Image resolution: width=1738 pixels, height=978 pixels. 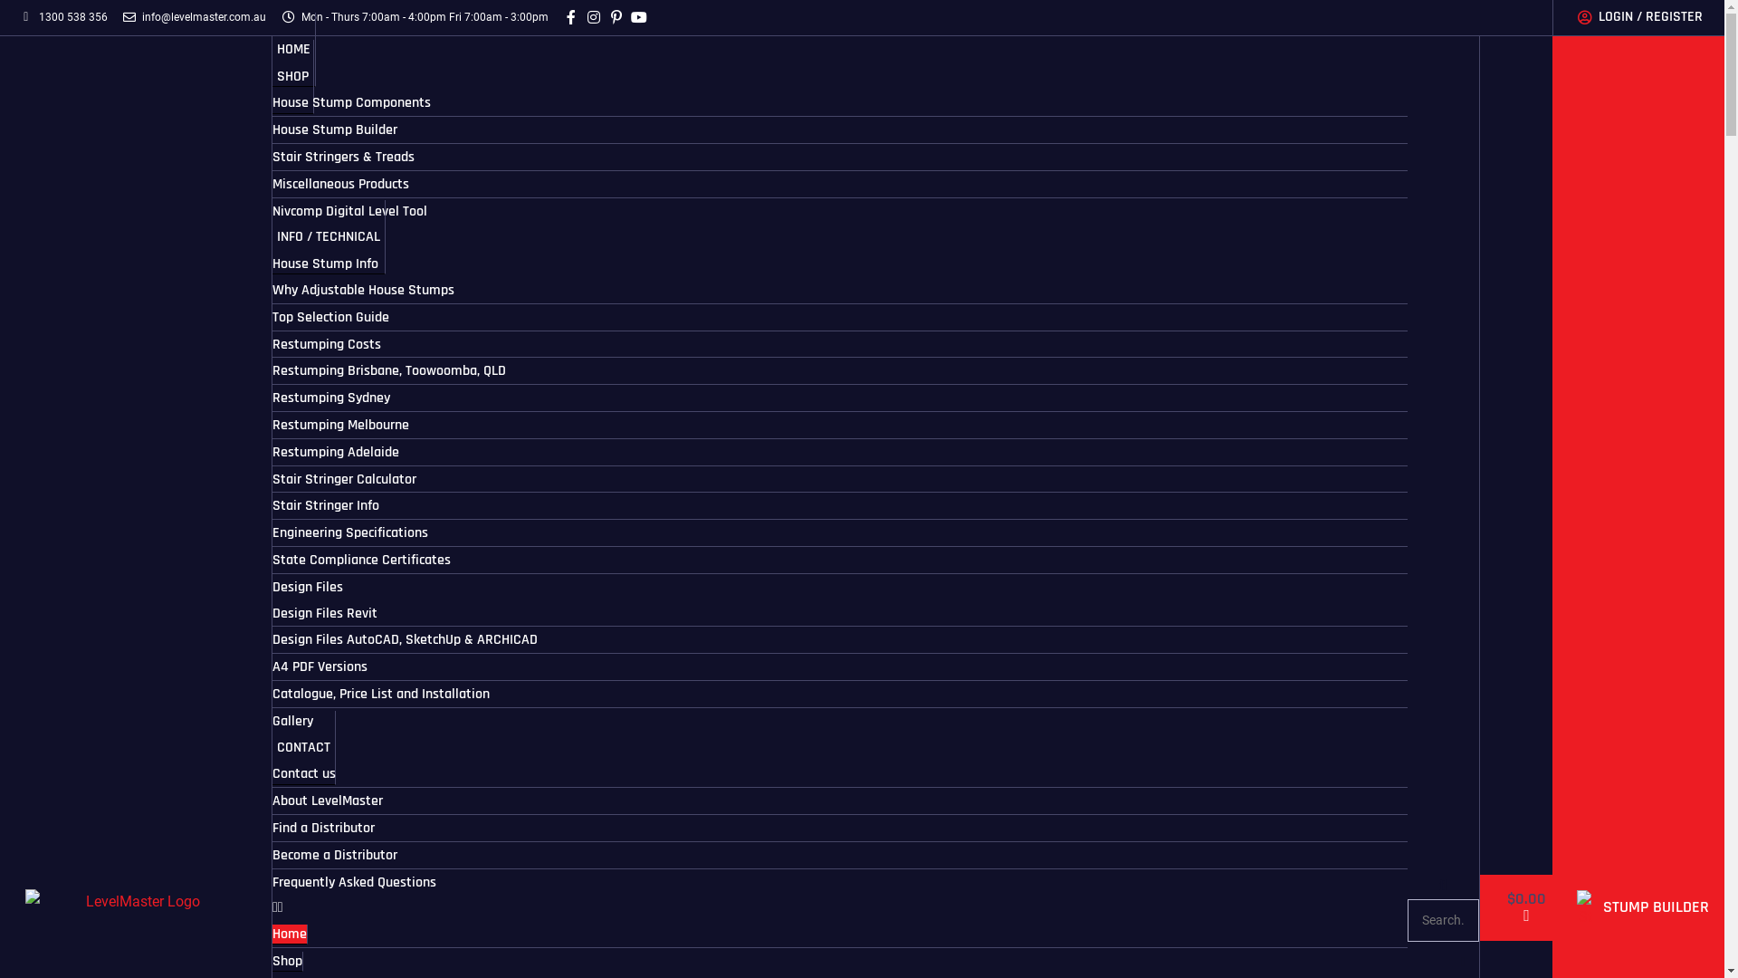 What do you see at coordinates (344, 478) in the screenshot?
I see `'Stair Stringer Calculator'` at bounding box center [344, 478].